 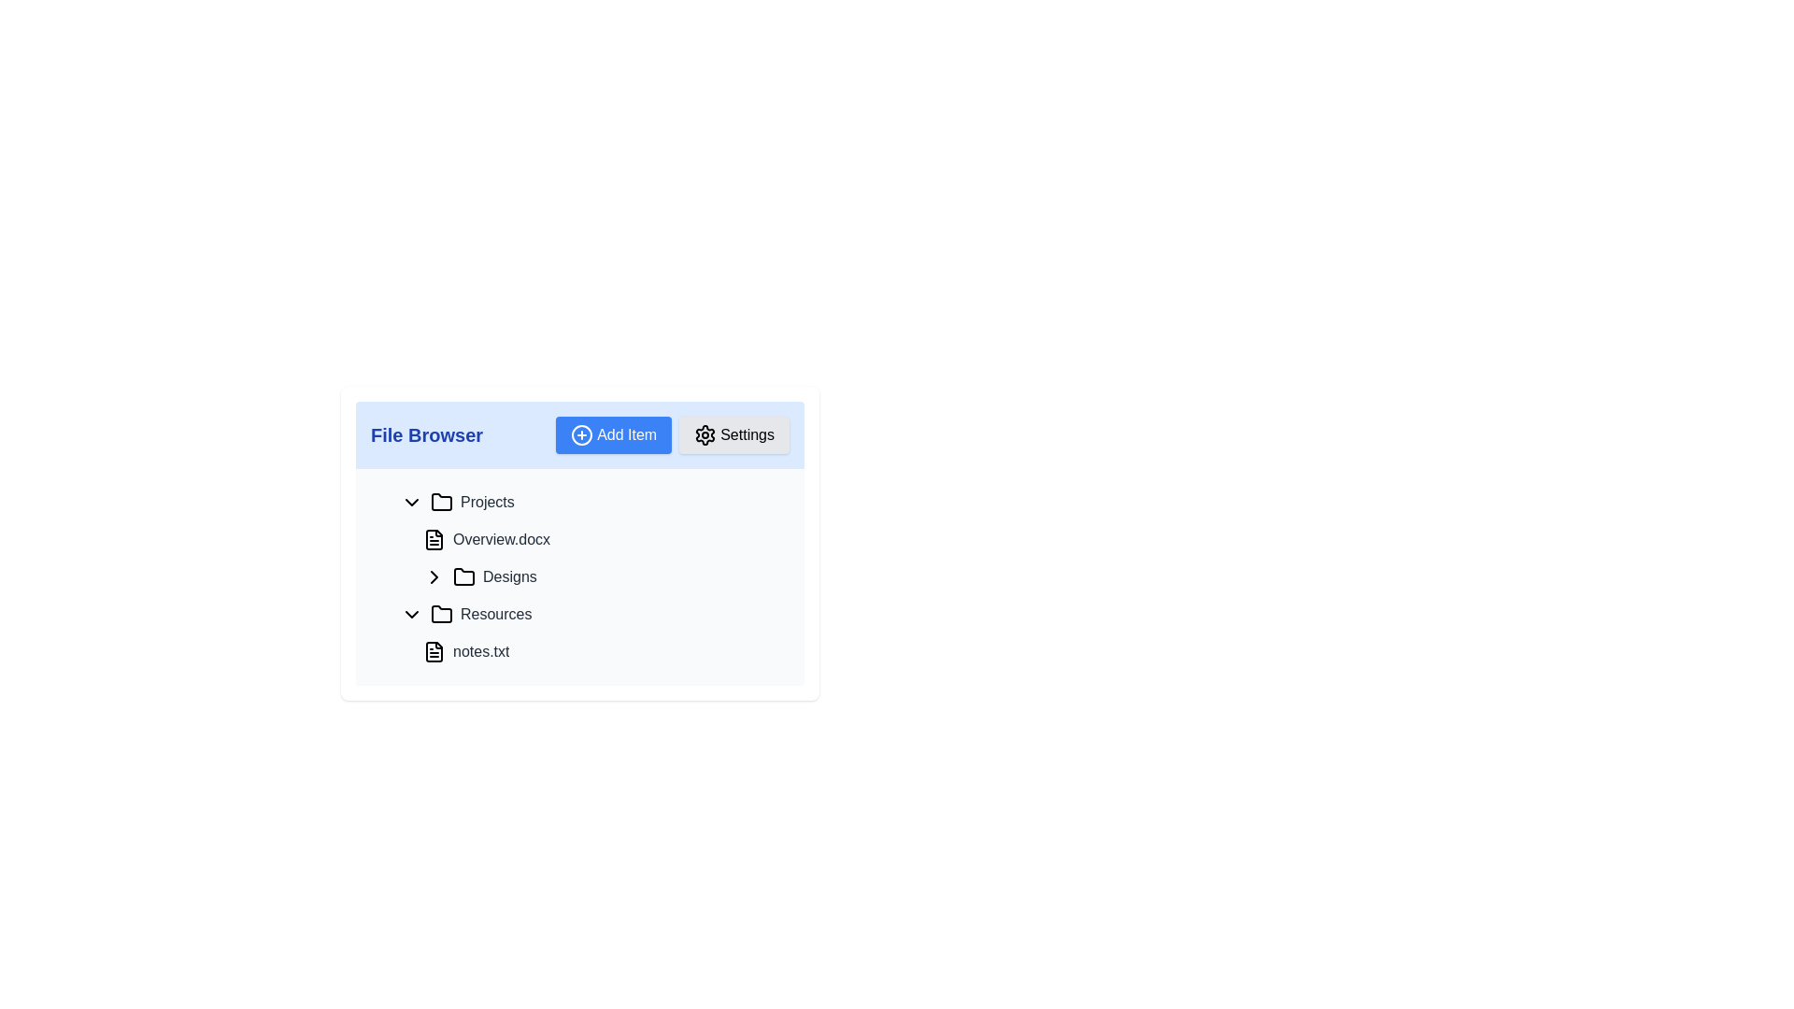 What do you see at coordinates (464, 576) in the screenshot?
I see `the folder icon, which is styled with a simple outline design and located to the left of the 'Designs' label in the file browsing section` at bounding box center [464, 576].